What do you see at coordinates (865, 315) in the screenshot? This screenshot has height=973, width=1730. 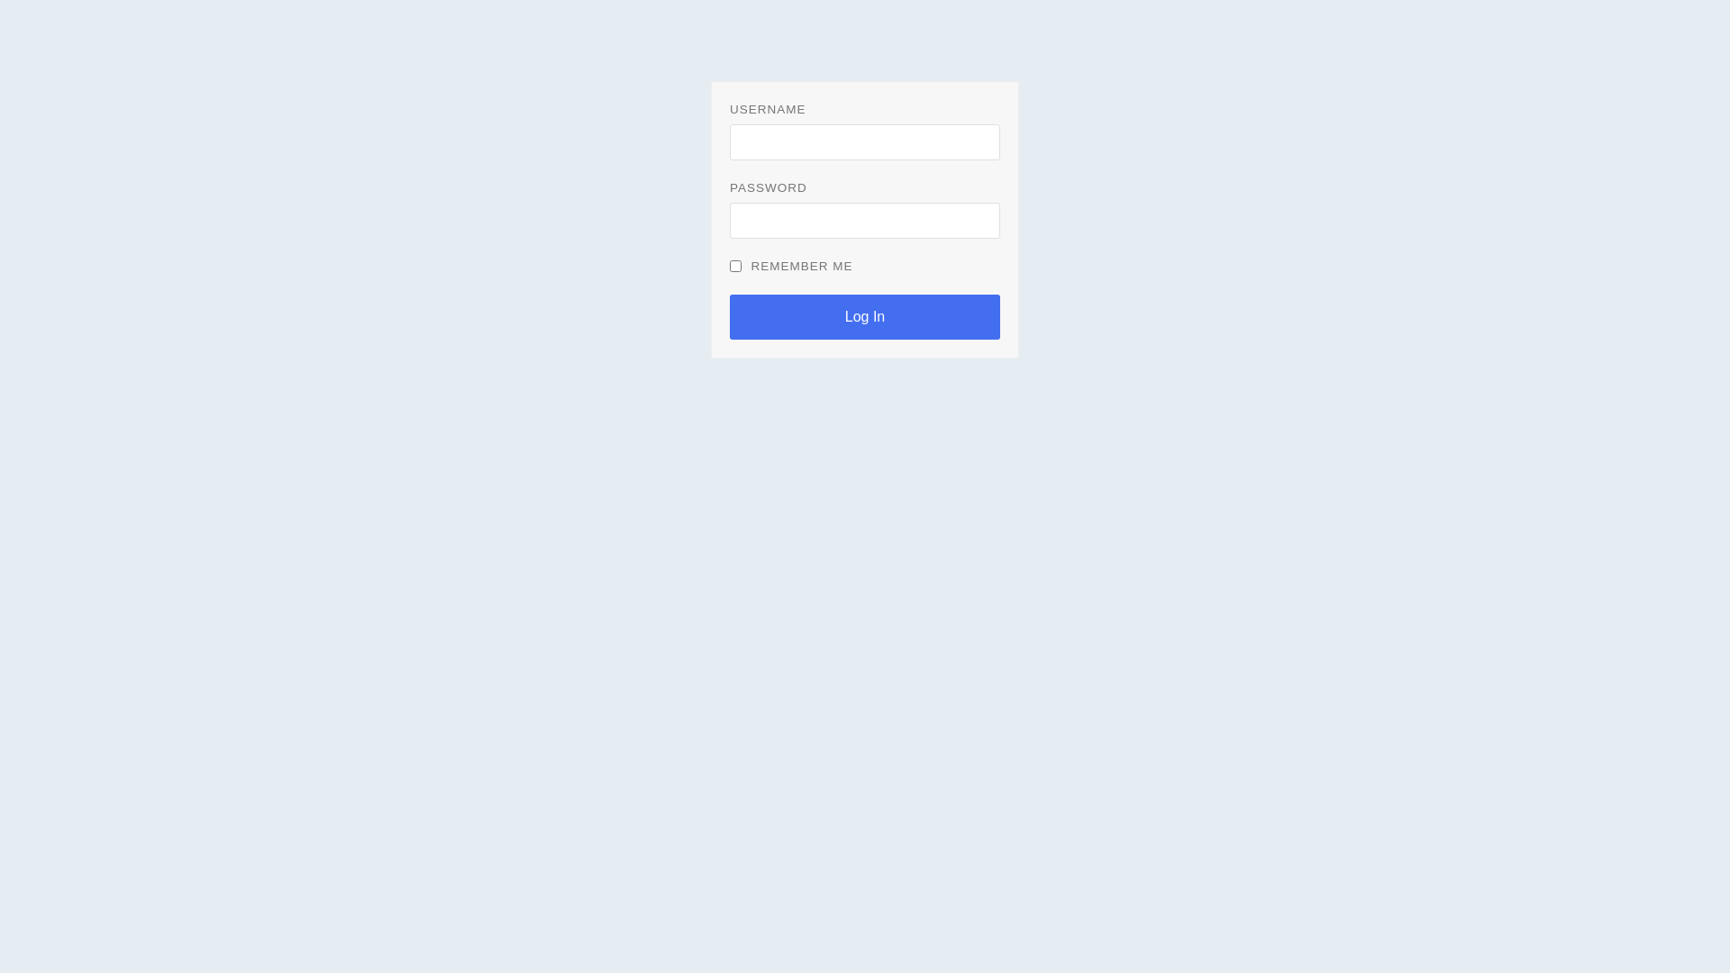 I see `'Log In'` at bounding box center [865, 315].